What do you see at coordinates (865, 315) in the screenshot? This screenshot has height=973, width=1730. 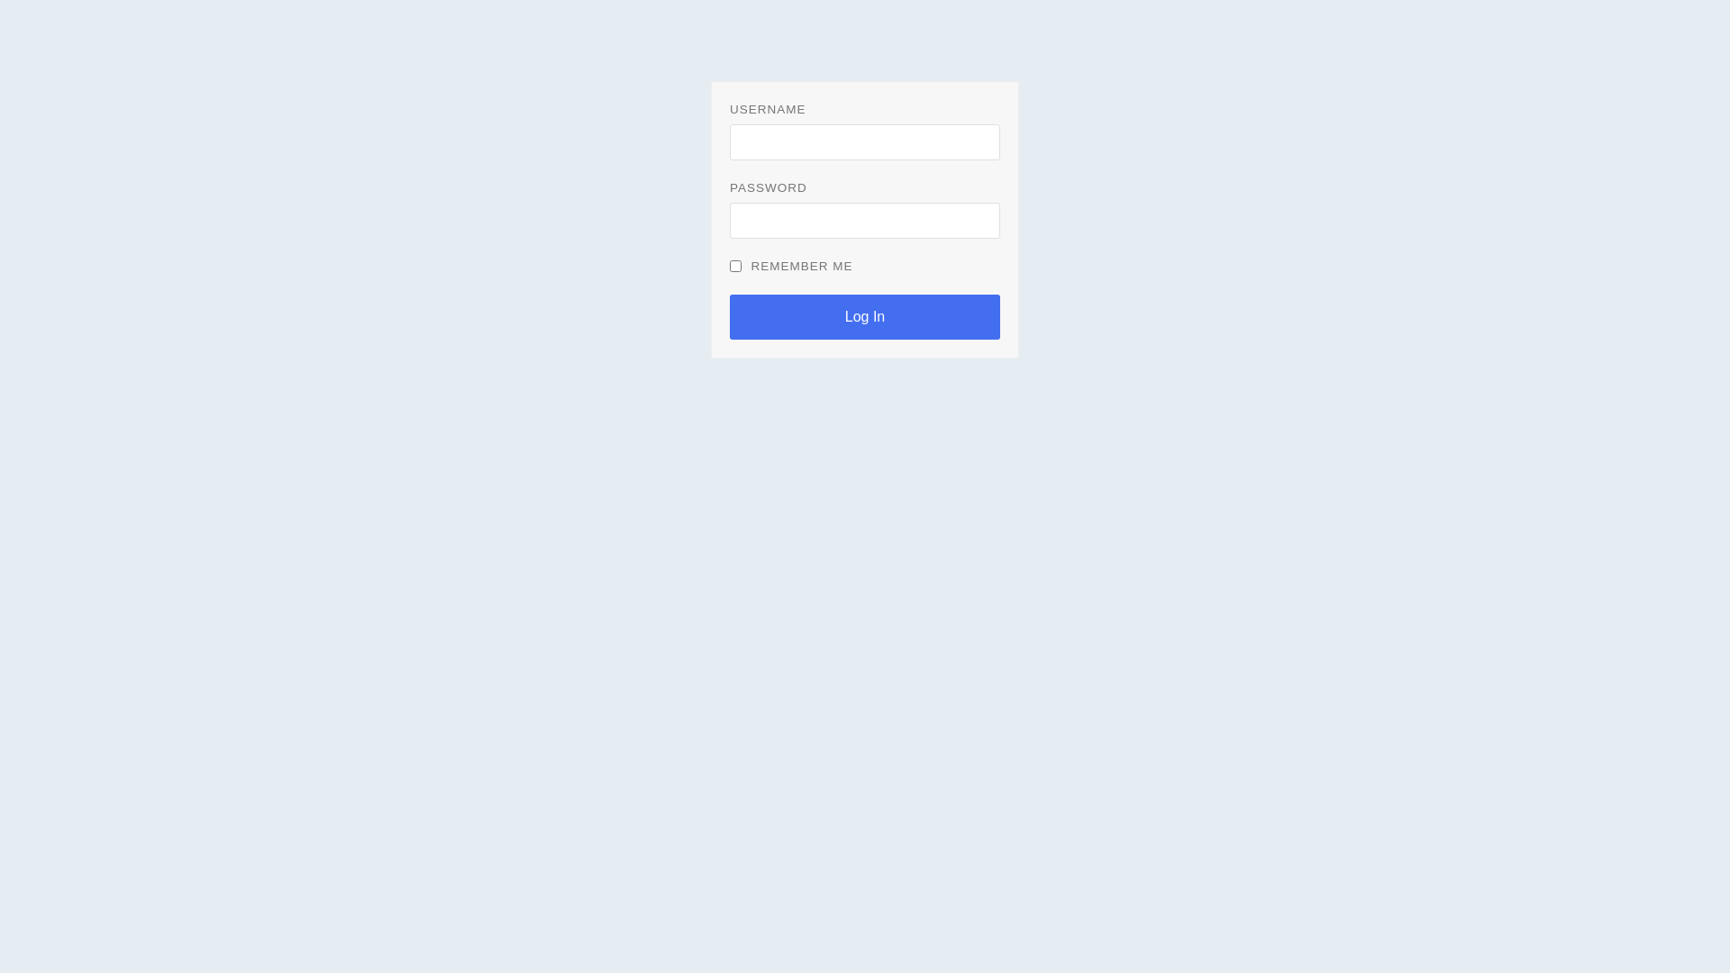 I see `'Log In'` at bounding box center [865, 315].